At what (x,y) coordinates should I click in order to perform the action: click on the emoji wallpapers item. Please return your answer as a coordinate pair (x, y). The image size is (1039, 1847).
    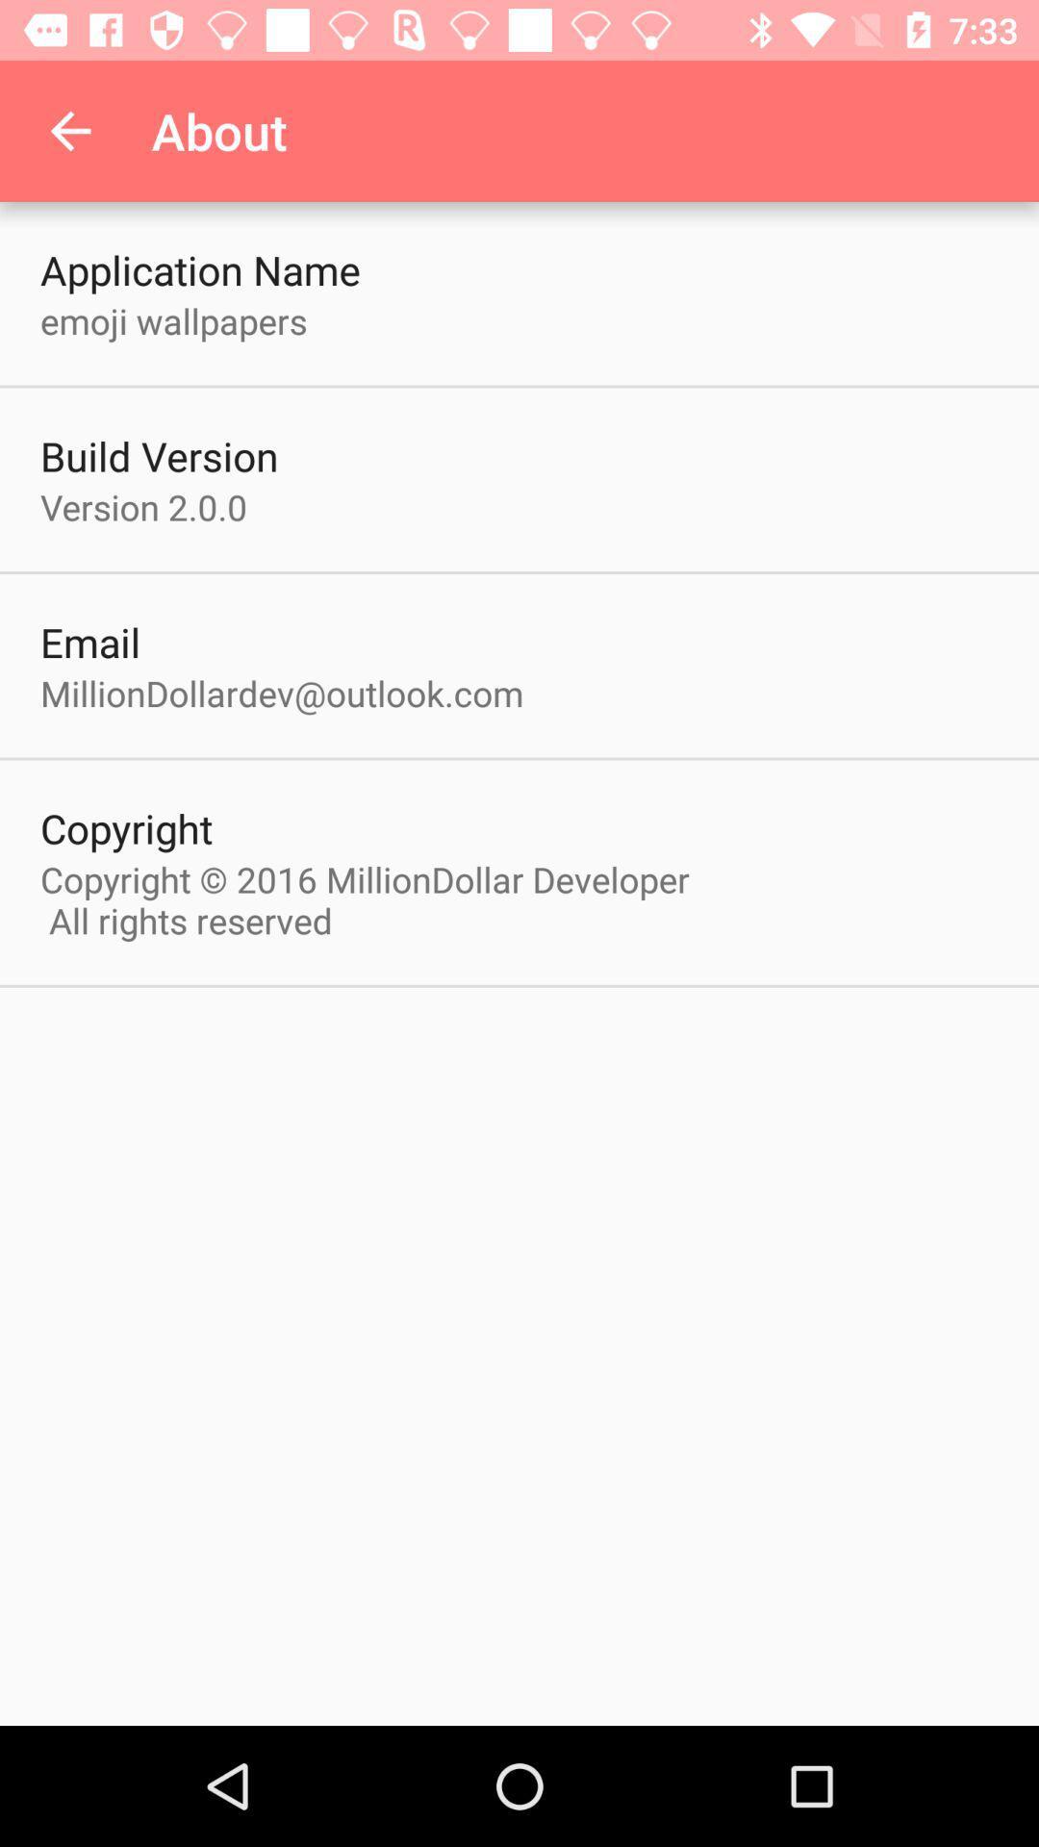
    Looking at the image, I should click on (173, 320).